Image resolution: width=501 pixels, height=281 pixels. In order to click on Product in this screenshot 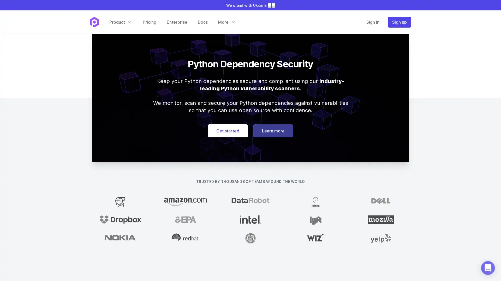, I will do `click(120, 22)`.